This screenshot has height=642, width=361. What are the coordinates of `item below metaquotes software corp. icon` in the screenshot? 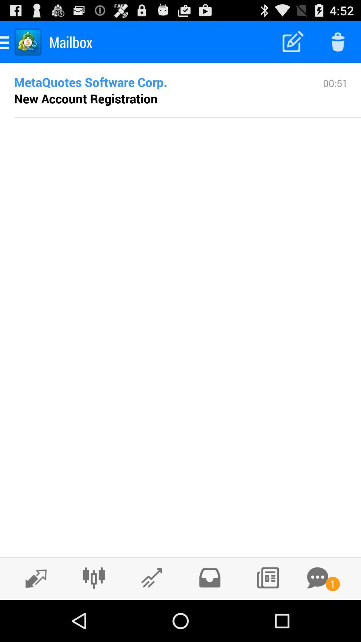 It's located at (85, 98).